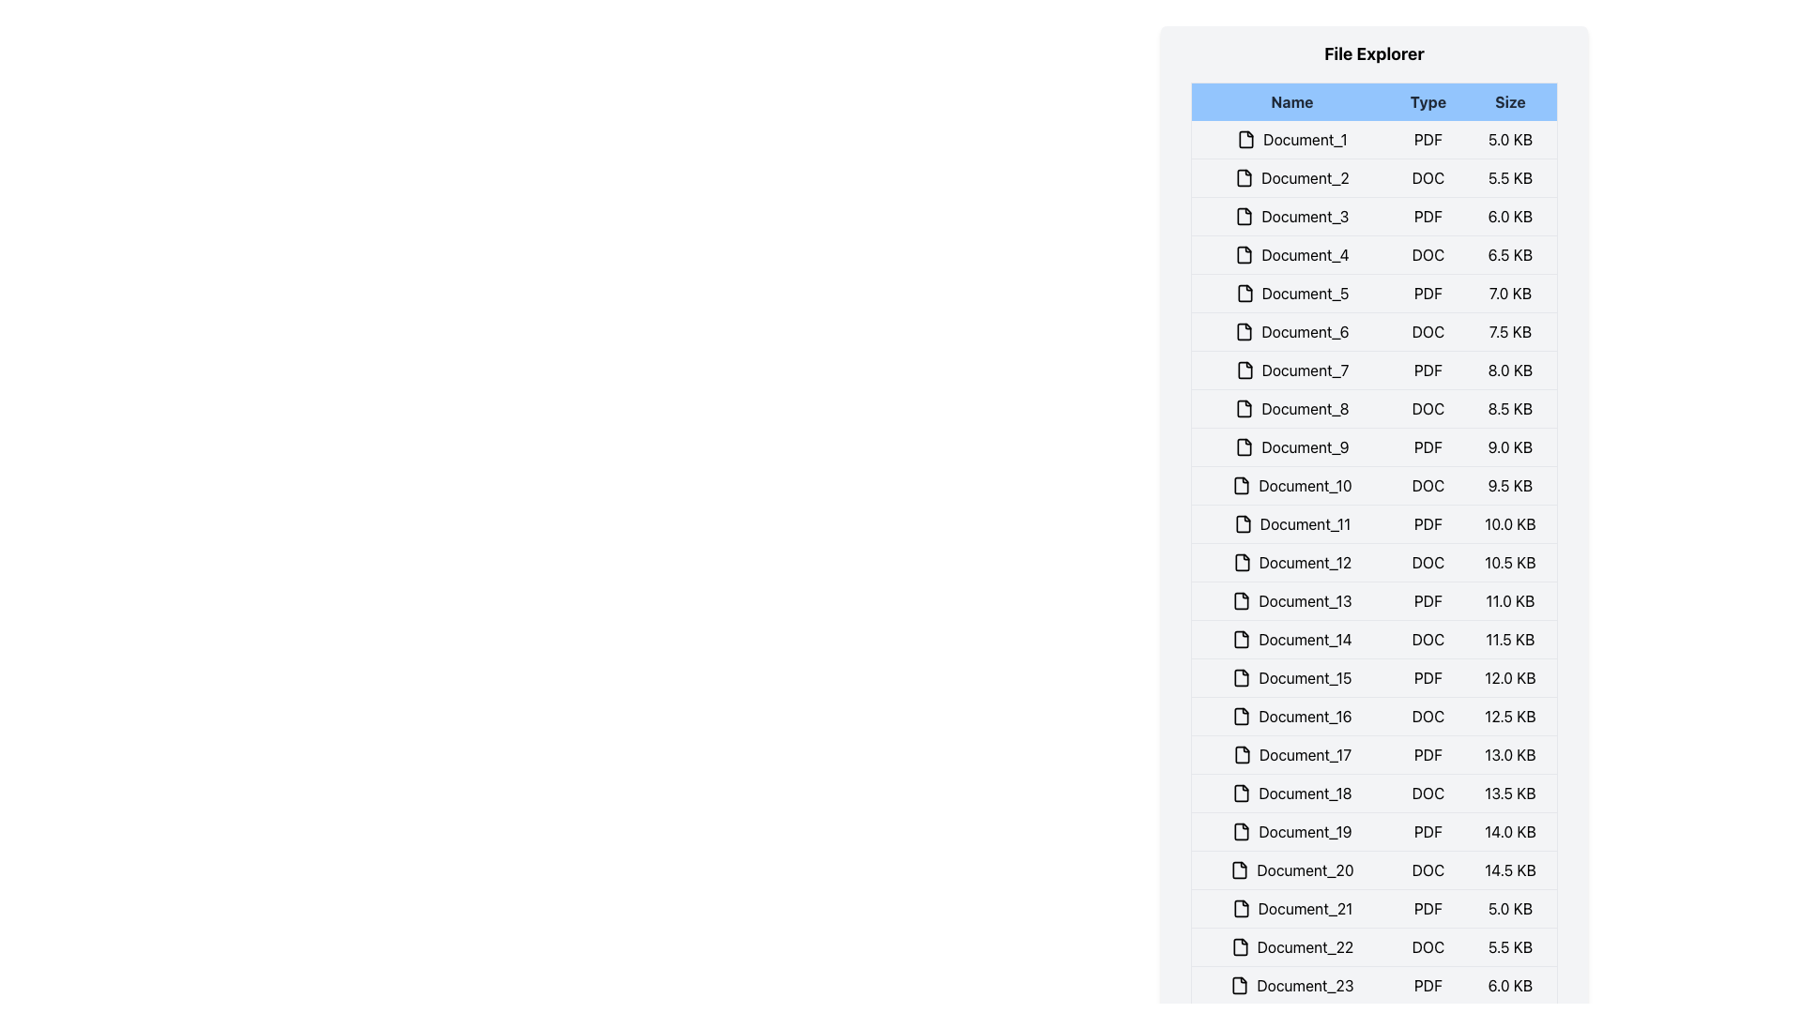 The image size is (1802, 1013). I want to click on text label indicating the file size for 'Document_21' located in the 'Size' column of the file explorer interface, so click(1510, 907).